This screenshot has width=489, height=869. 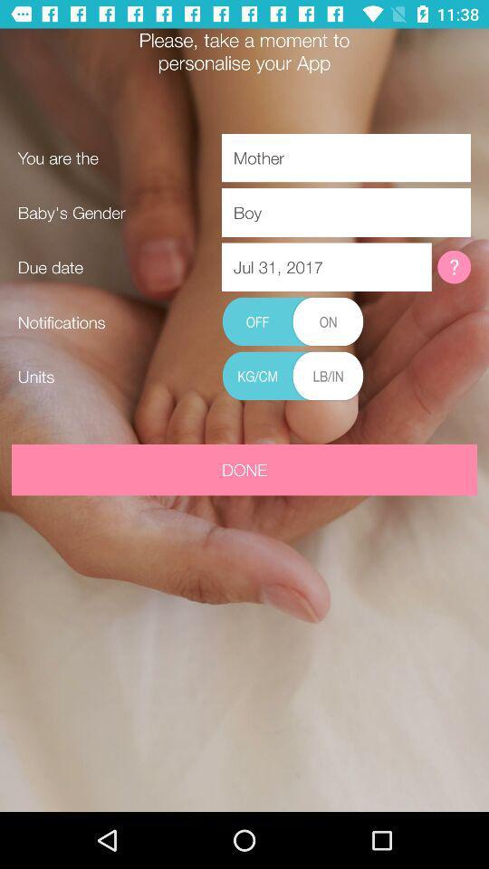 I want to click on choose your choice, so click(x=292, y=376).